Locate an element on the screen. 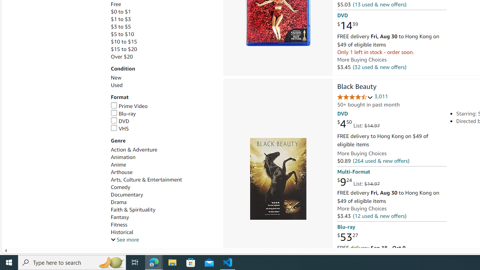  'Documentary' is located at coordinates (126, 194).